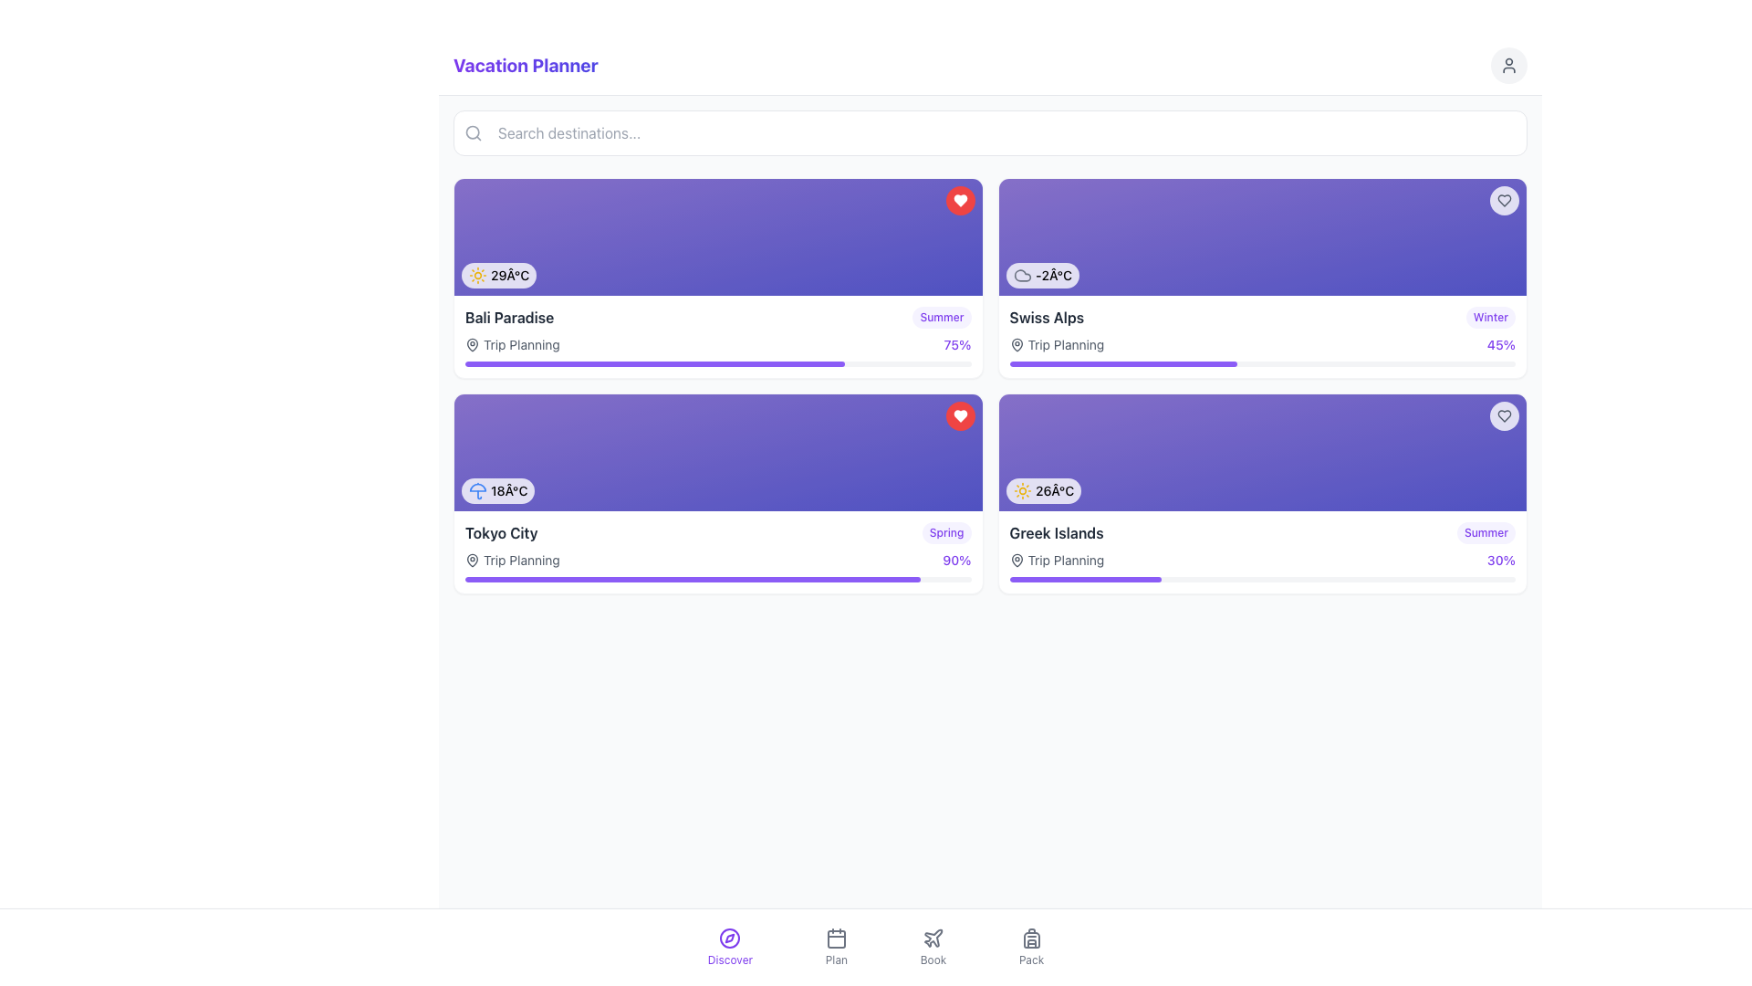 The width and height of the screenshot is (1752, 986). What do you see at coordinates (473, 345) in the screenshot?
I see `the gray map pin icon, which is a teardrop shape with a circular center, located within the 'Trip Planning' label, directly preceding the text` at bounding box center [473, 345].